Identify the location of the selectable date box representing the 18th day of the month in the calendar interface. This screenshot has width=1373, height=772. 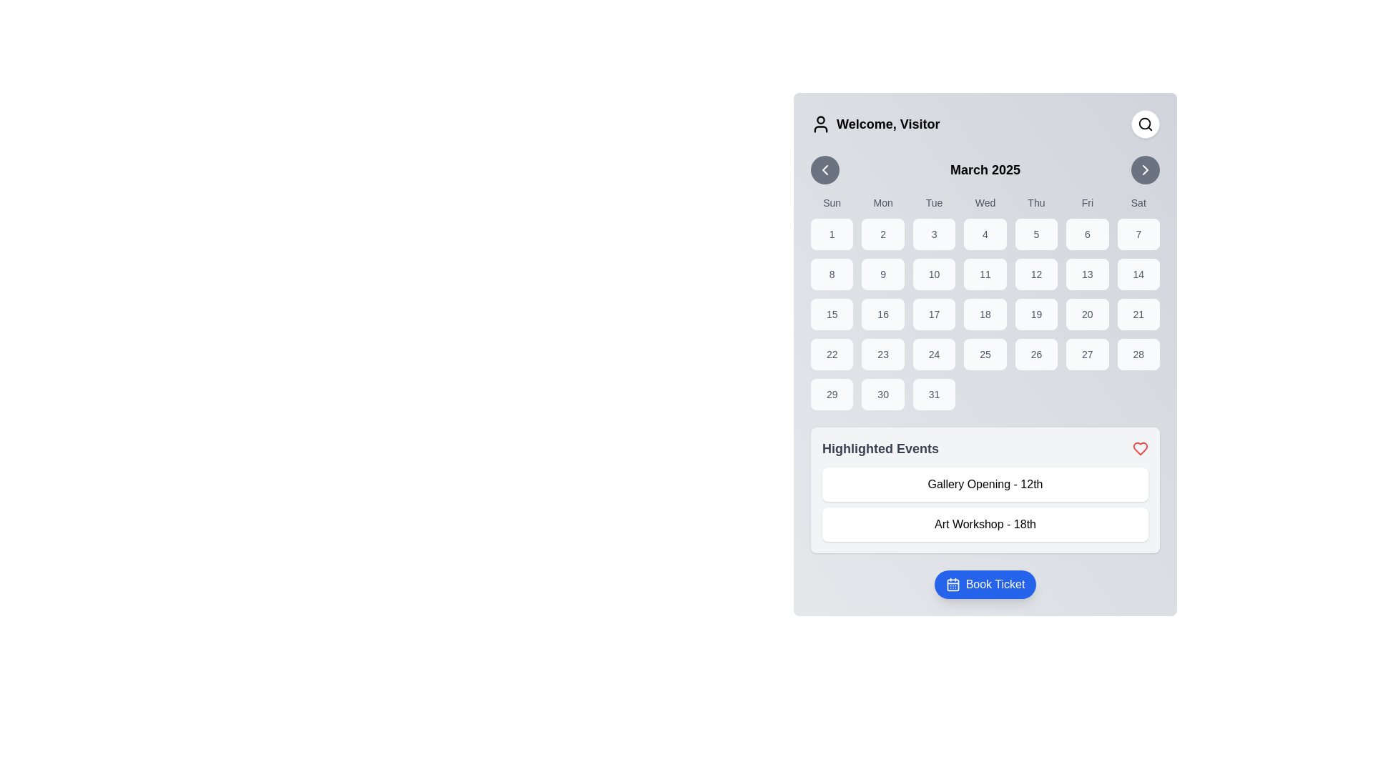
(984, 313).